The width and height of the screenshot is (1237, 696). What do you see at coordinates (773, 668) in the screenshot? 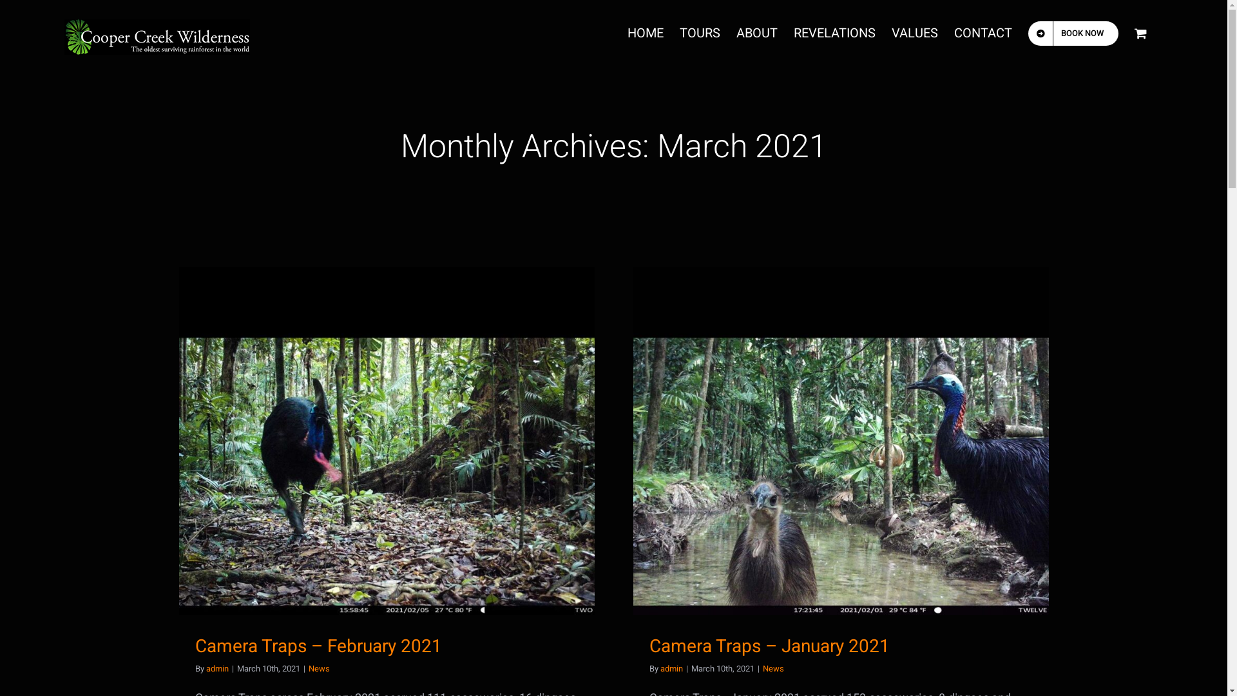
I see `'News'` at bounding box center [773, 668].